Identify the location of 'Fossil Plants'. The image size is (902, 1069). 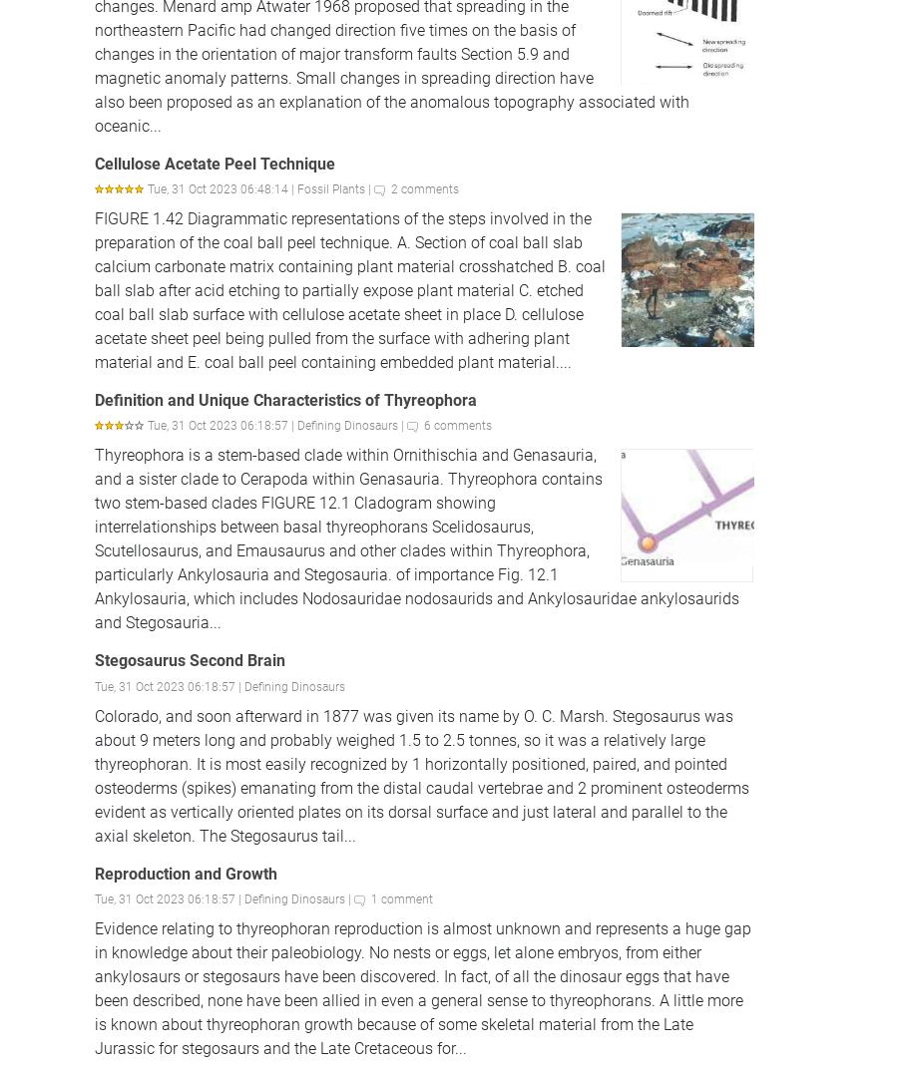
(331, 187).